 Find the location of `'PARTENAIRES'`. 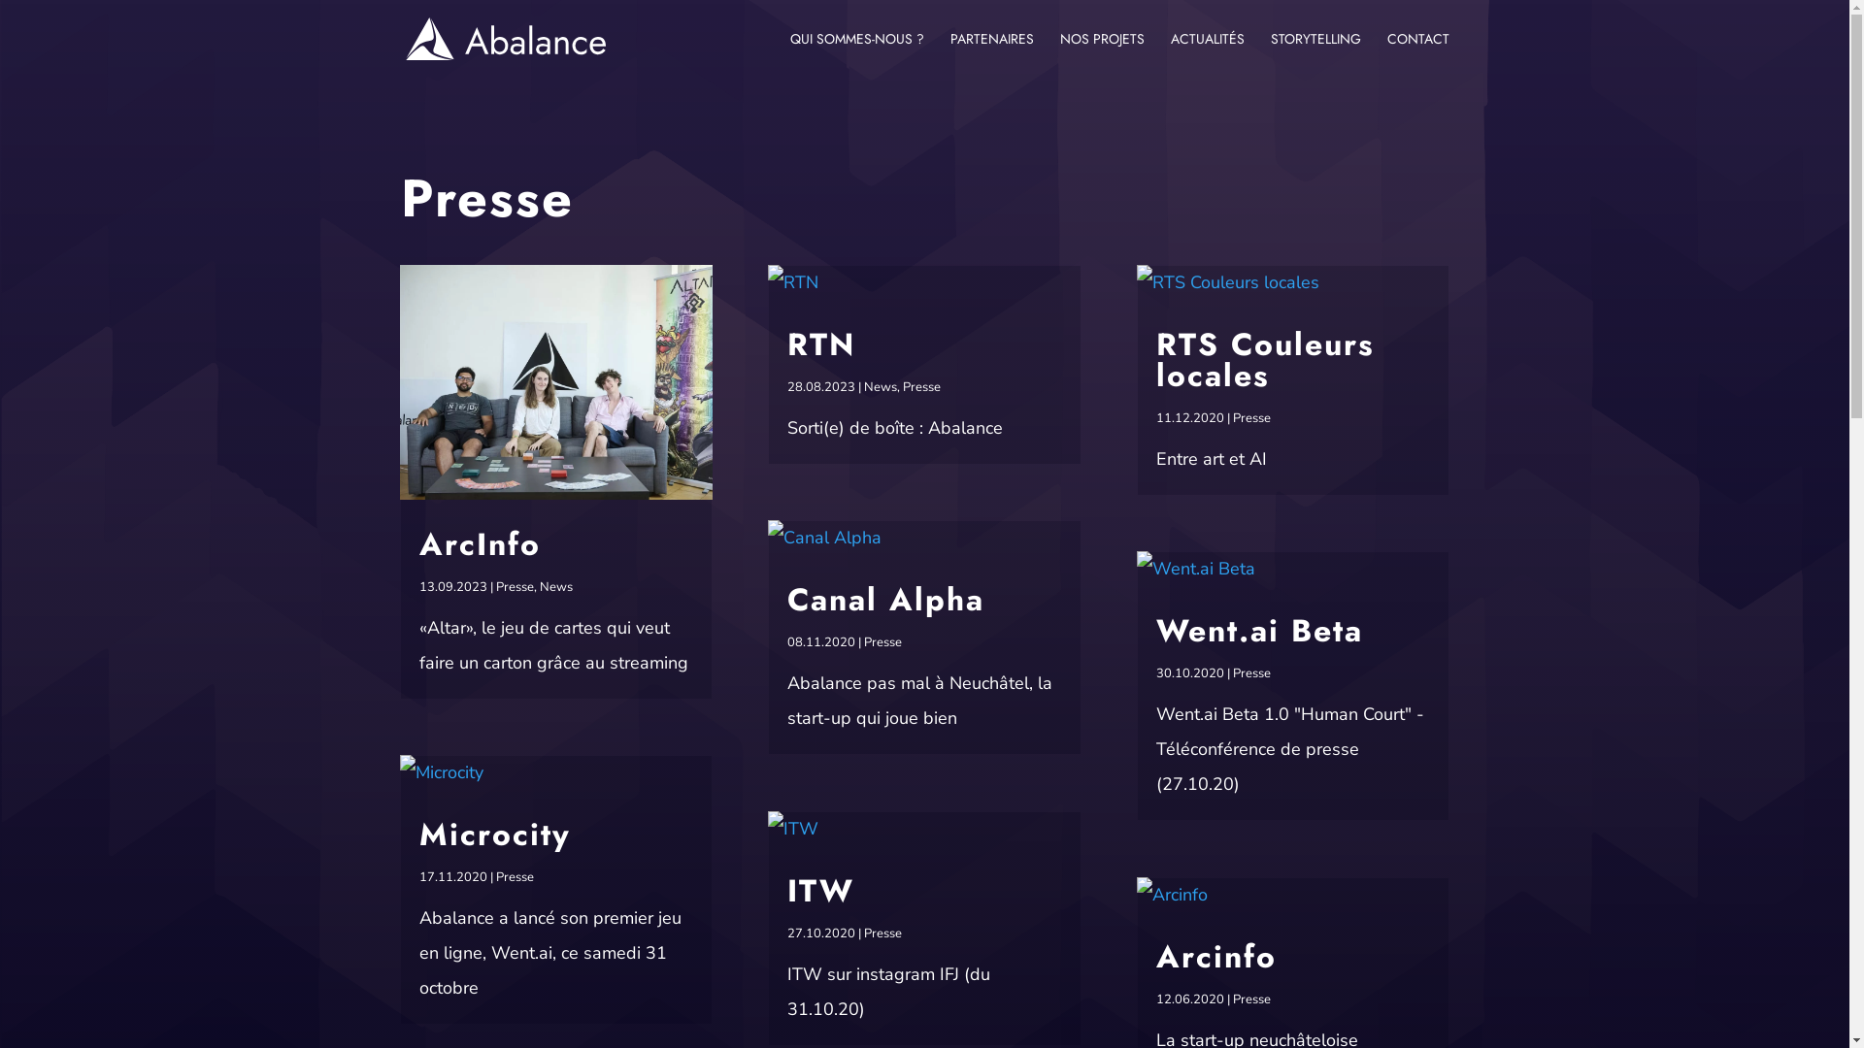

'PARTENAIRES' is located at coordinates (991, 53).